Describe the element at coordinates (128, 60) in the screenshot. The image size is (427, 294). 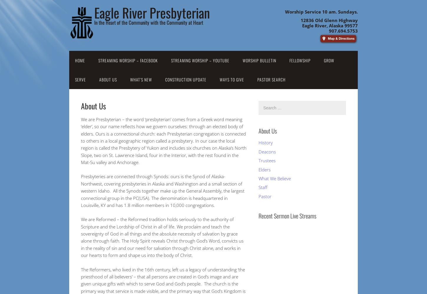
I see `'Streaming Worship – Facebook'` at that location.